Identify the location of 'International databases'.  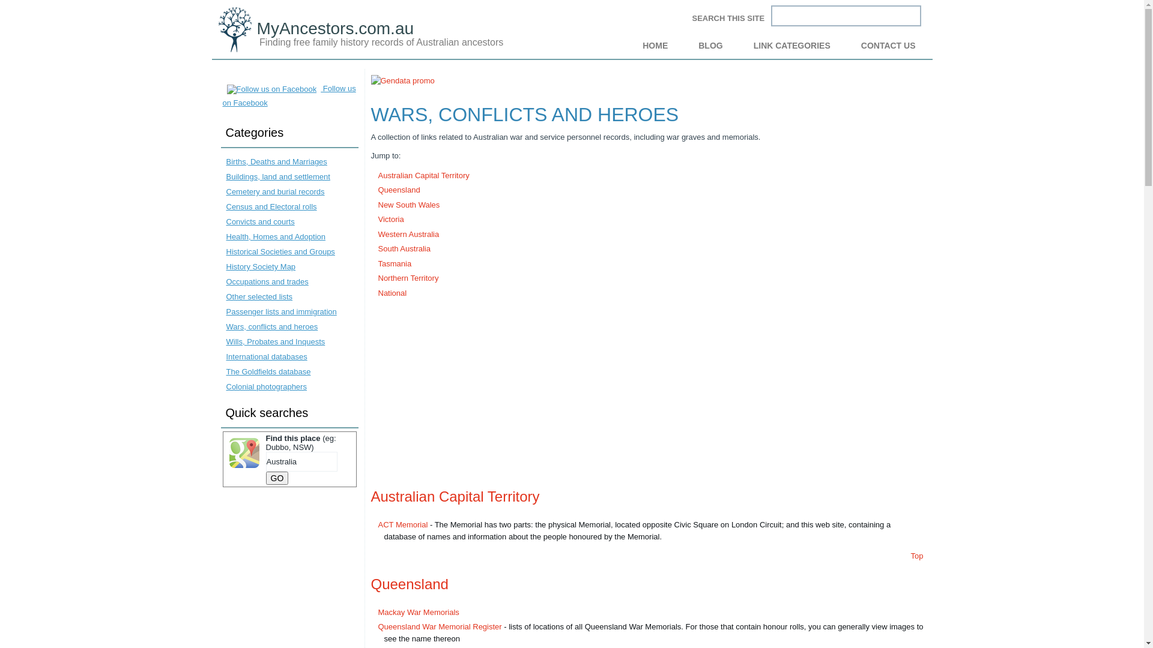
(225, 356).